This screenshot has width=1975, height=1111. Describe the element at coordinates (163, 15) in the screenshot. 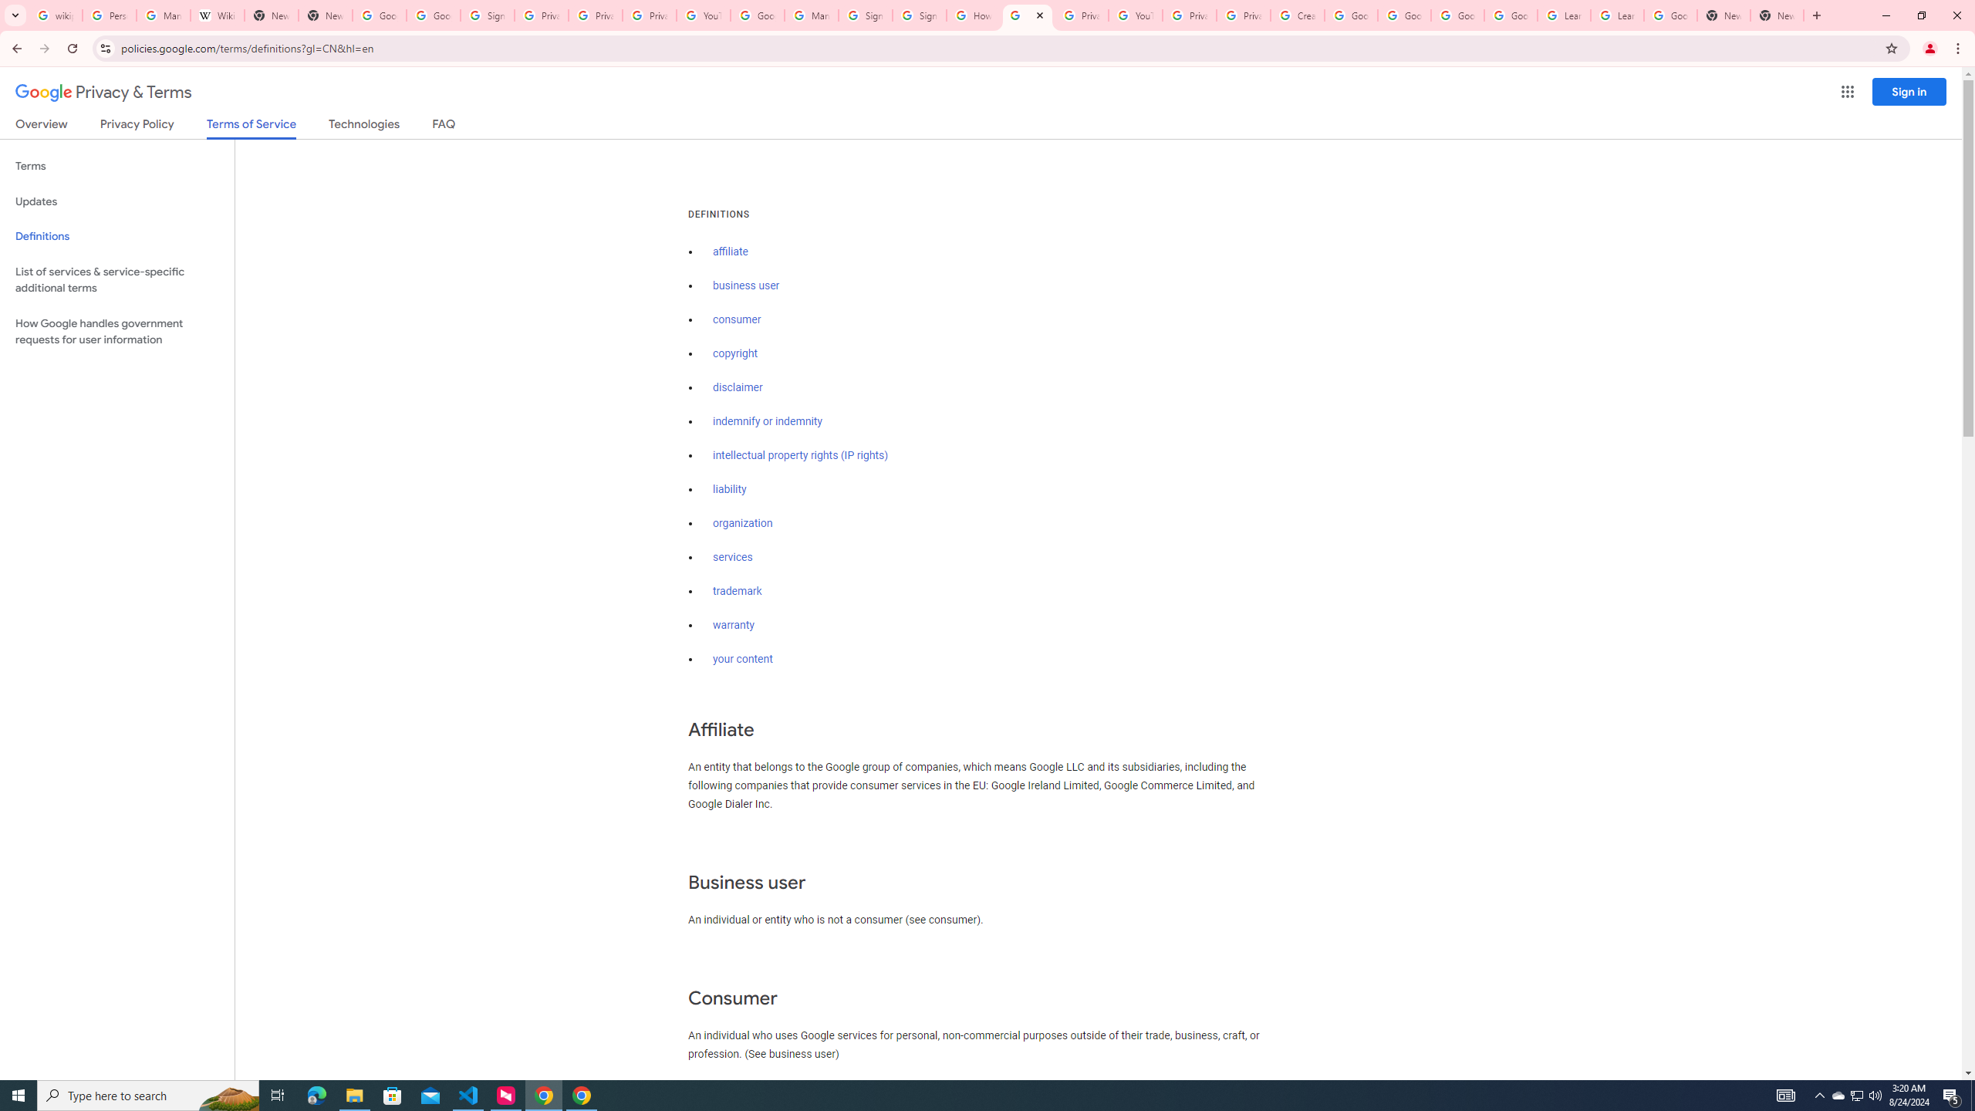

I see `'Manage your Location History - Google Search Help'` at that location.